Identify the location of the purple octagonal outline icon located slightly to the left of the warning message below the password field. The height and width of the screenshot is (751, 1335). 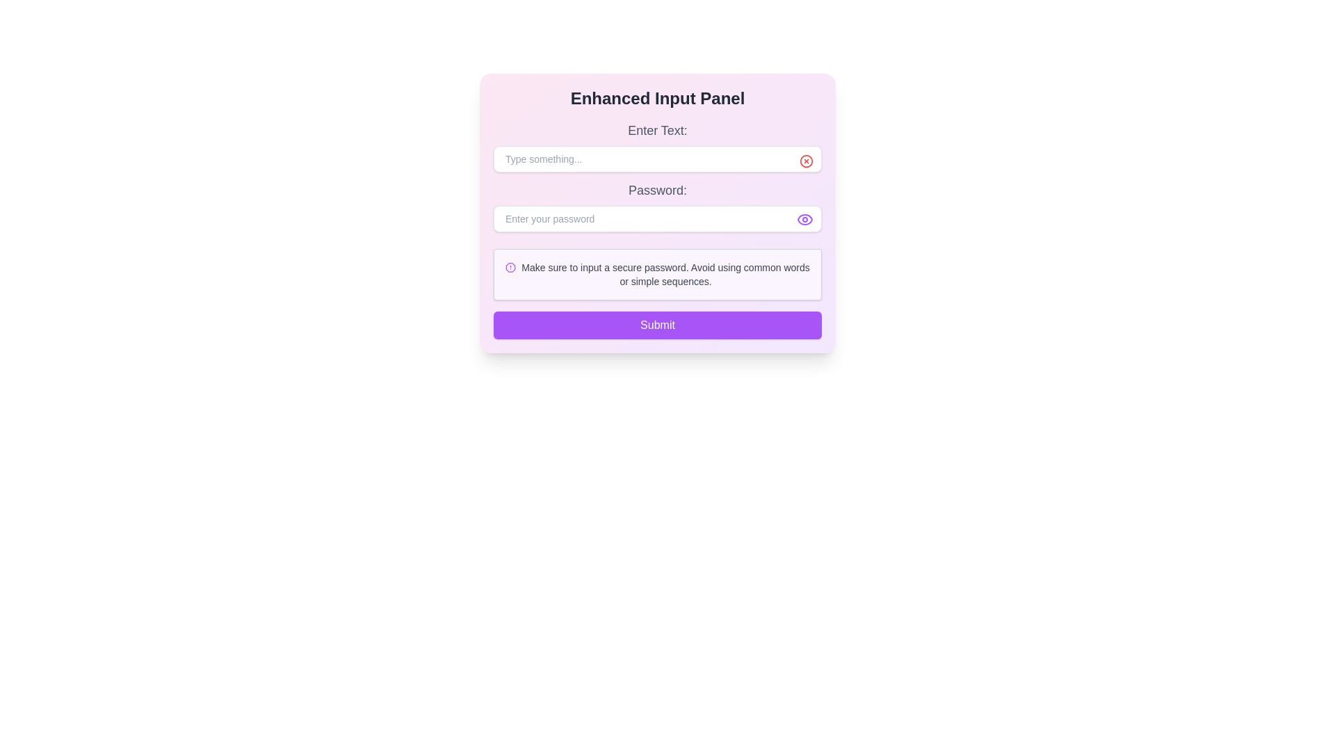
(510, 268).